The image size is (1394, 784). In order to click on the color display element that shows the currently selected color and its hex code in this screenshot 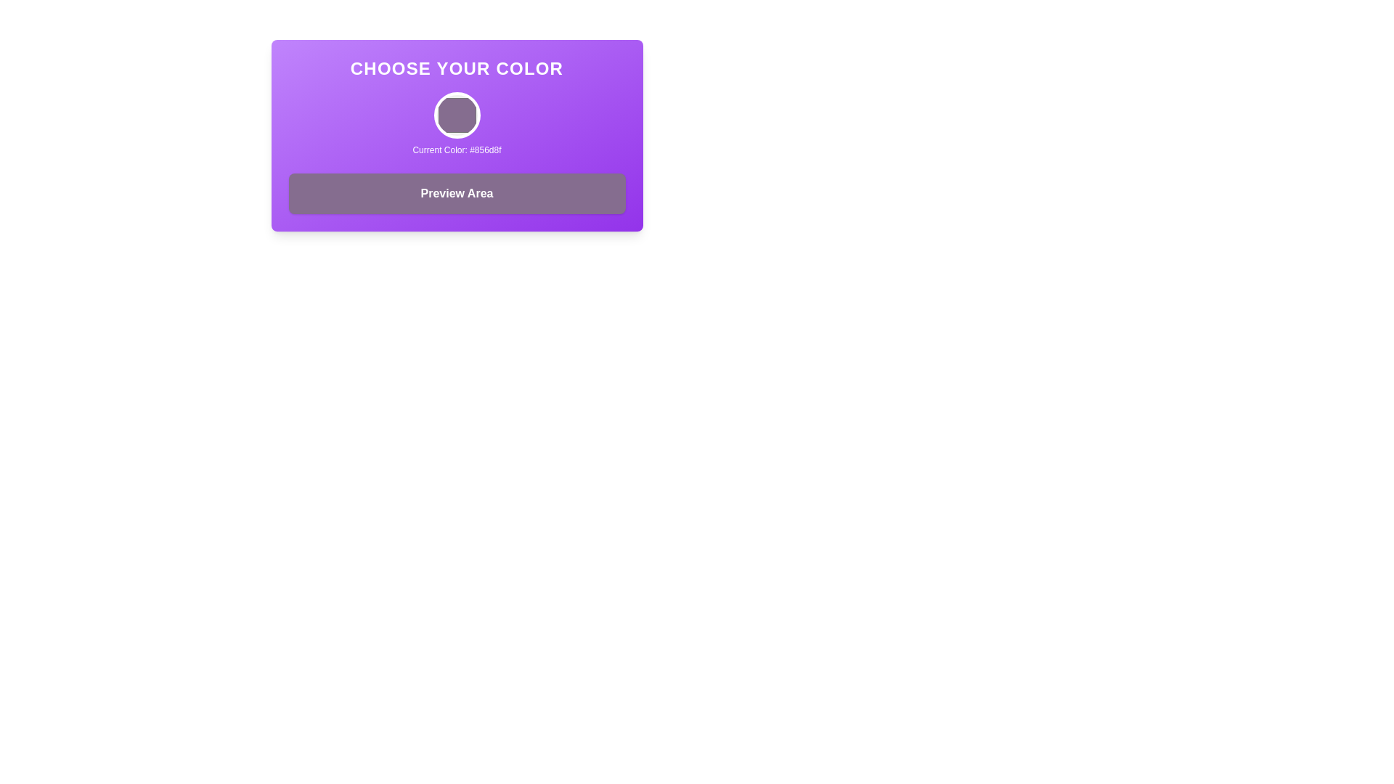, I will do `click(456, 123)`.